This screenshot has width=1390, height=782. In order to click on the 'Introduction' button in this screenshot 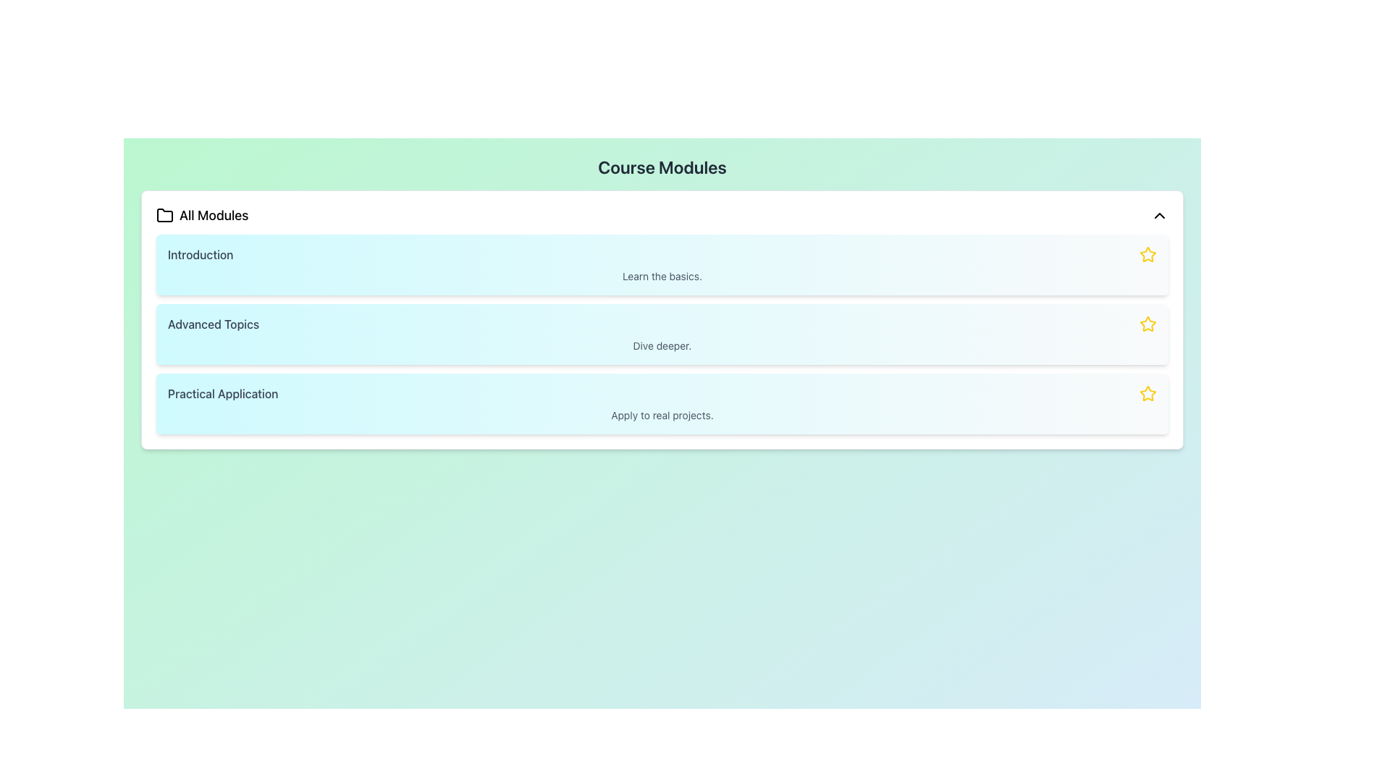, I will do `click(662, 265)`.